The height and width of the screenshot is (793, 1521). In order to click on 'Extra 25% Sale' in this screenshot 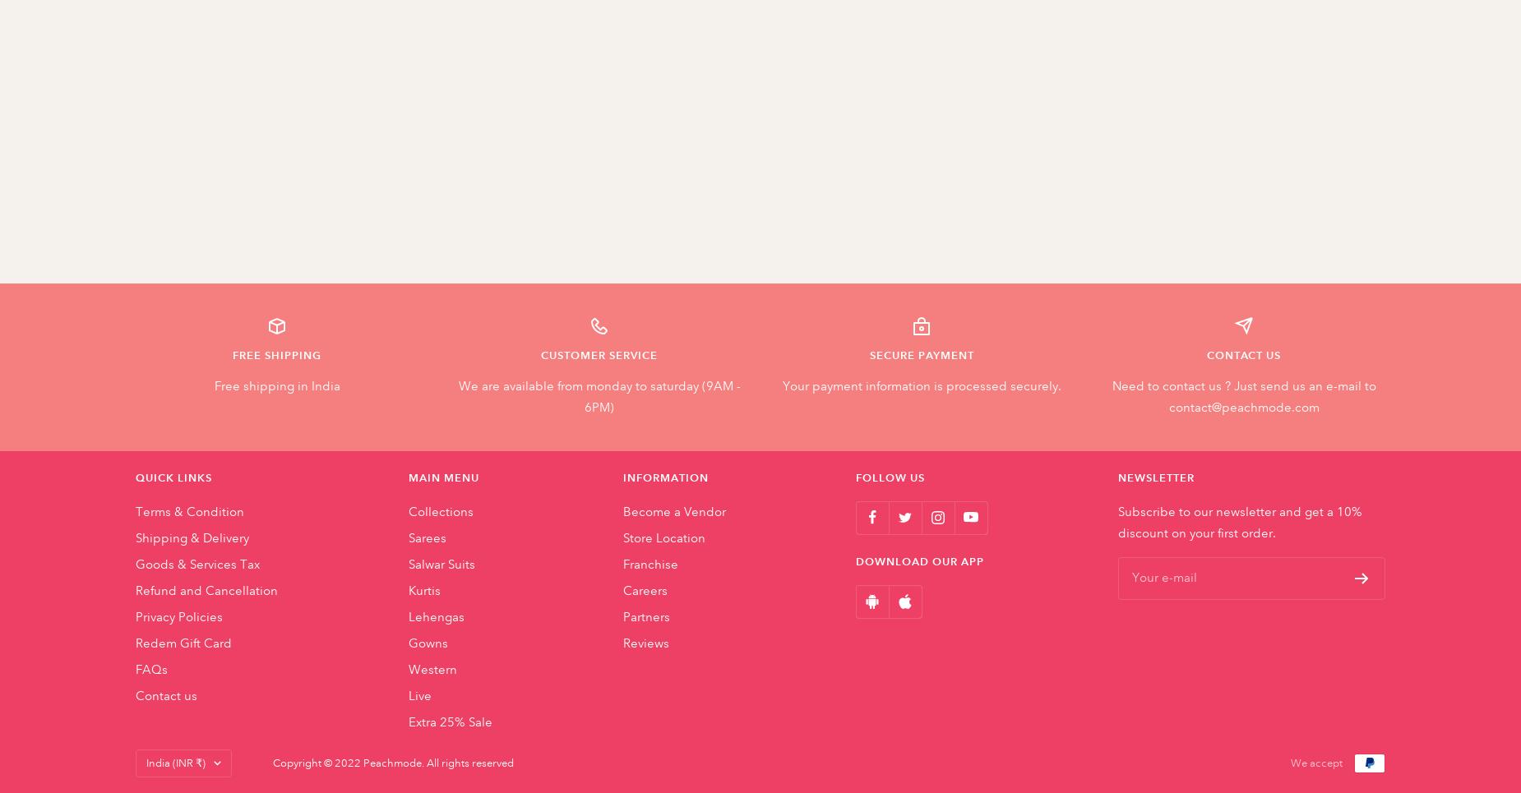, I will do `click(450, 721)`.